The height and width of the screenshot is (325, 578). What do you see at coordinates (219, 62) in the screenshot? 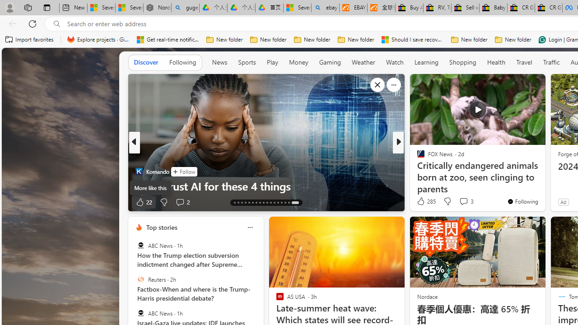
I see `'News'` at bounding box center [219, 62].